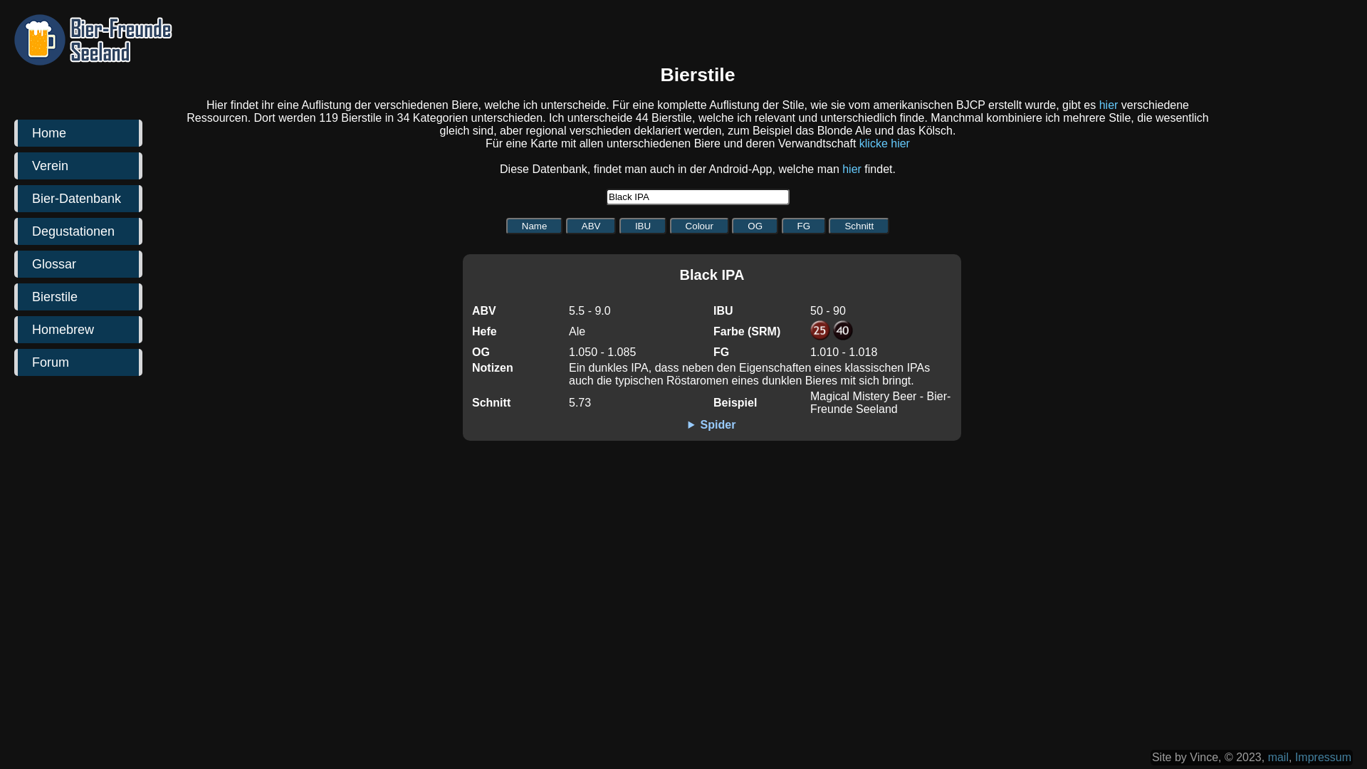 The image size is (1367, 769). I want to click on 'mail', so click(1267, 756).